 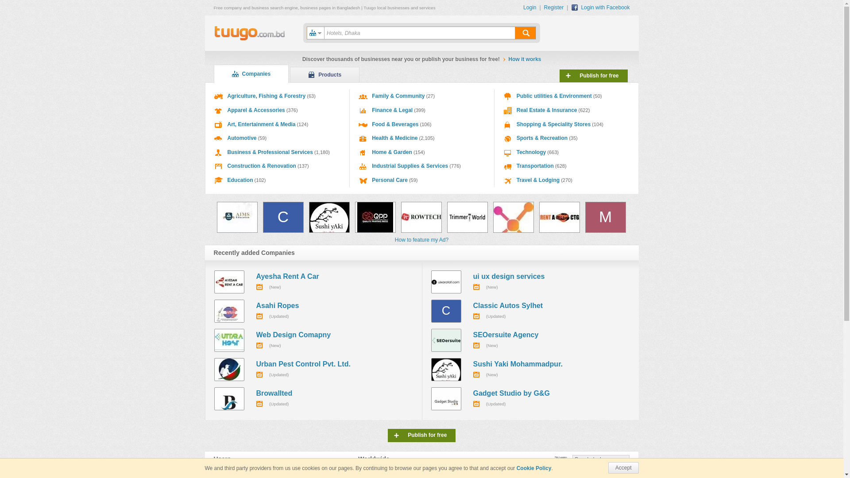 I want to click on ' Health & Medicine (2,105)', so click(x=421, y=138).